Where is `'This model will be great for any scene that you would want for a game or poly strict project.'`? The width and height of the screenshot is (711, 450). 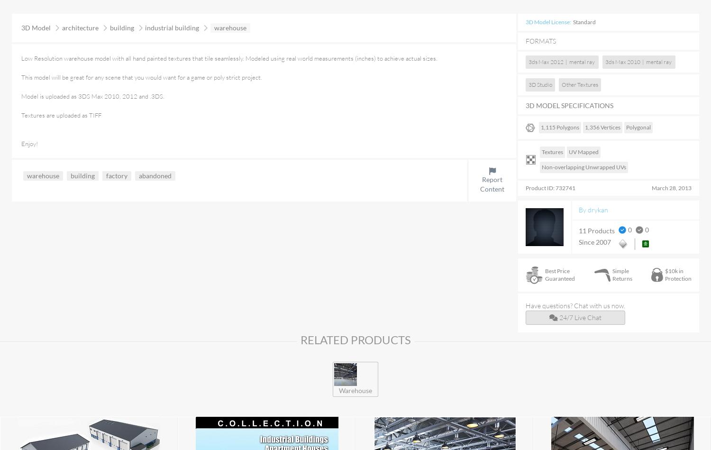
'This model will be great for any scene that you would want for a game or poly strict project.' is located at coordinates (141, 77).